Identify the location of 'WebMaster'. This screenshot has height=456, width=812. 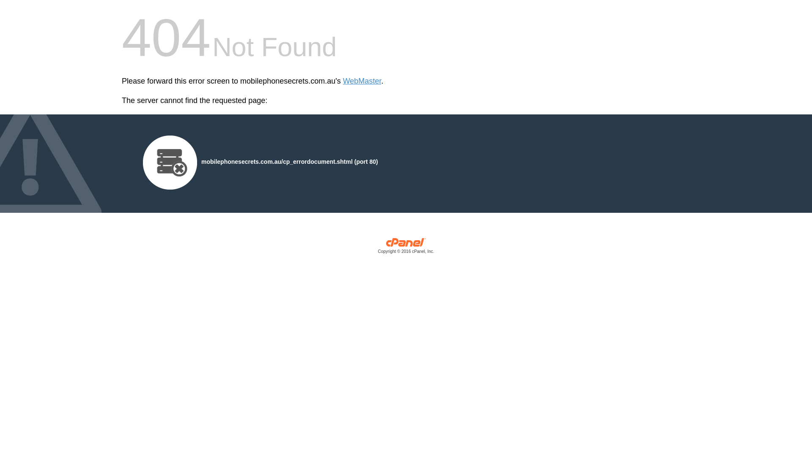
(362, 81).